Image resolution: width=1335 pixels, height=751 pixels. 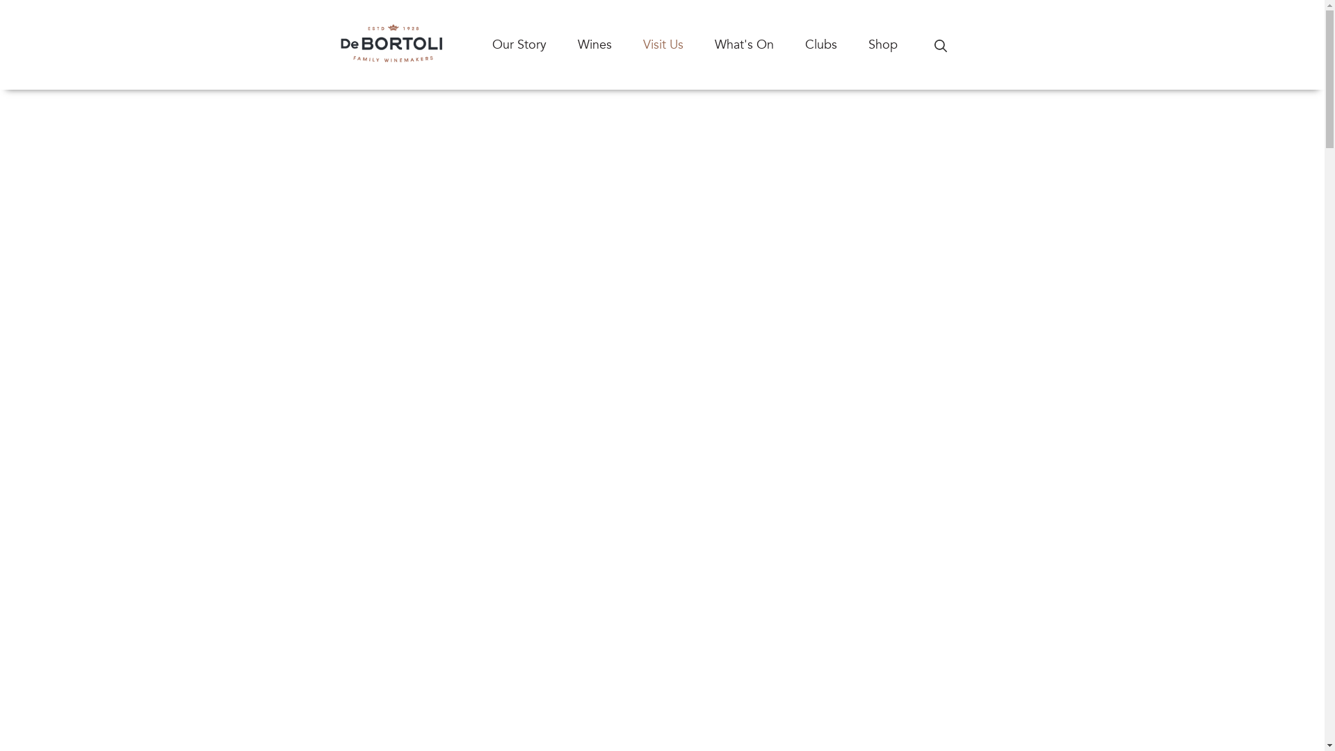 What do you see at coordinates (759, 44) in the screenshot?
I see `'What's On'` at bounding box center [759, 44].